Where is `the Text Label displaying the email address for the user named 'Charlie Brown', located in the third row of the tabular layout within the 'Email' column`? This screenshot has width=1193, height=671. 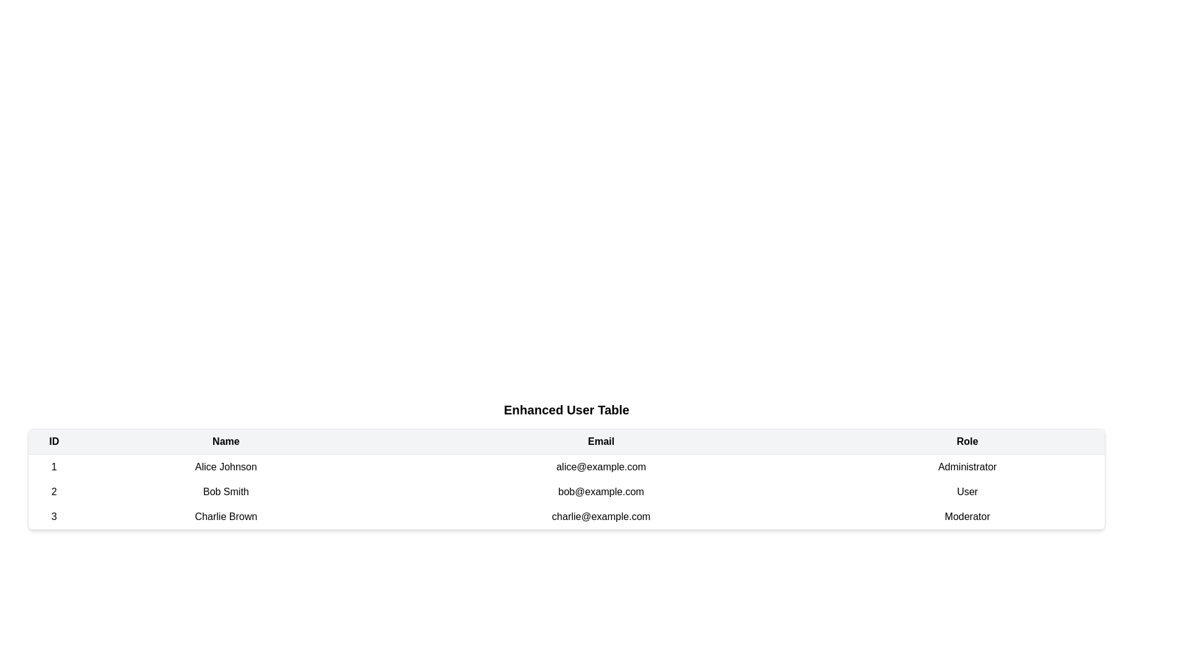
the Text Label displaying the email address for the user named 'Charlie Brown', located in the third row of the tabular layout within the 'Email' column is located at coordinates (601, 517).